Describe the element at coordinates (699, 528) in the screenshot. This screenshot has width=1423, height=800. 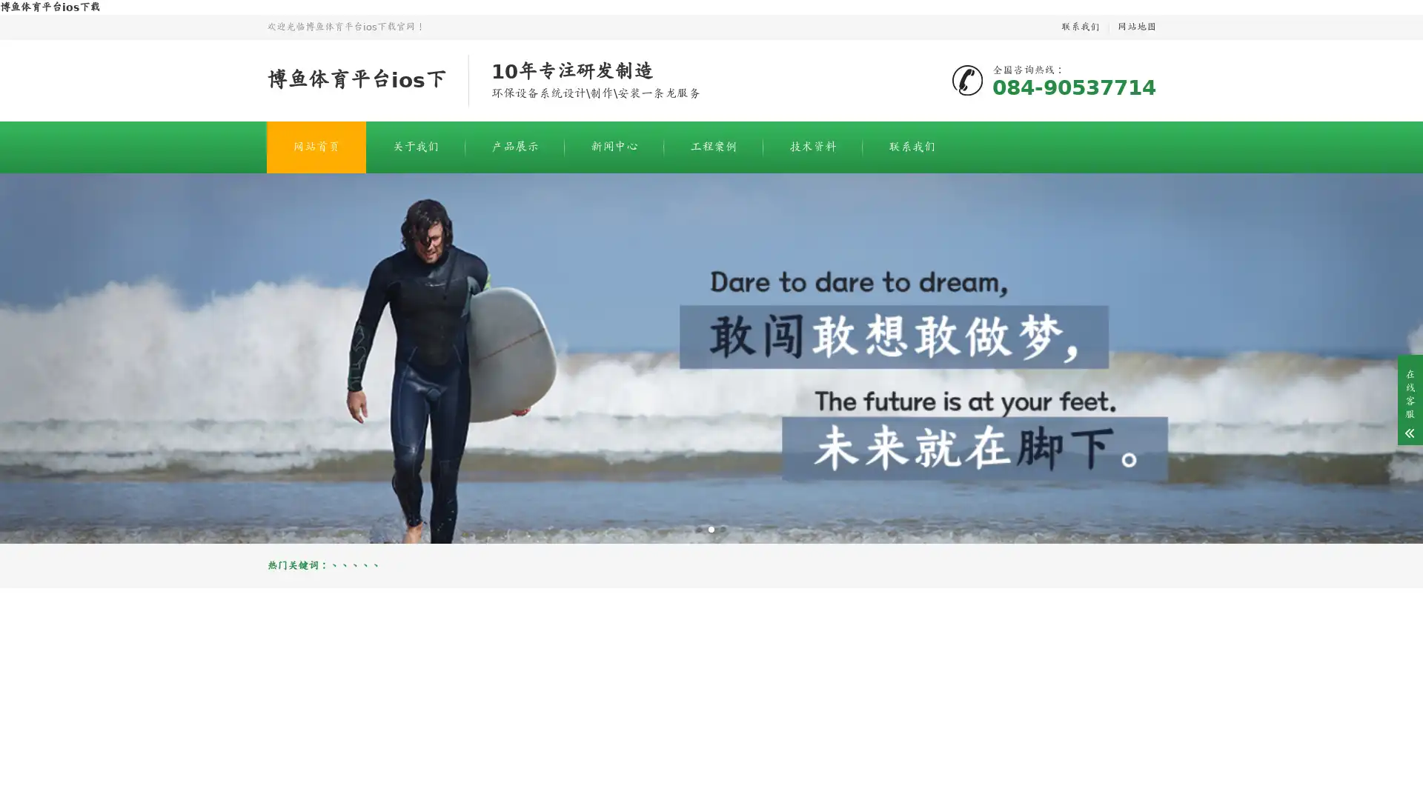
I see `Go to slide 1` at that location.